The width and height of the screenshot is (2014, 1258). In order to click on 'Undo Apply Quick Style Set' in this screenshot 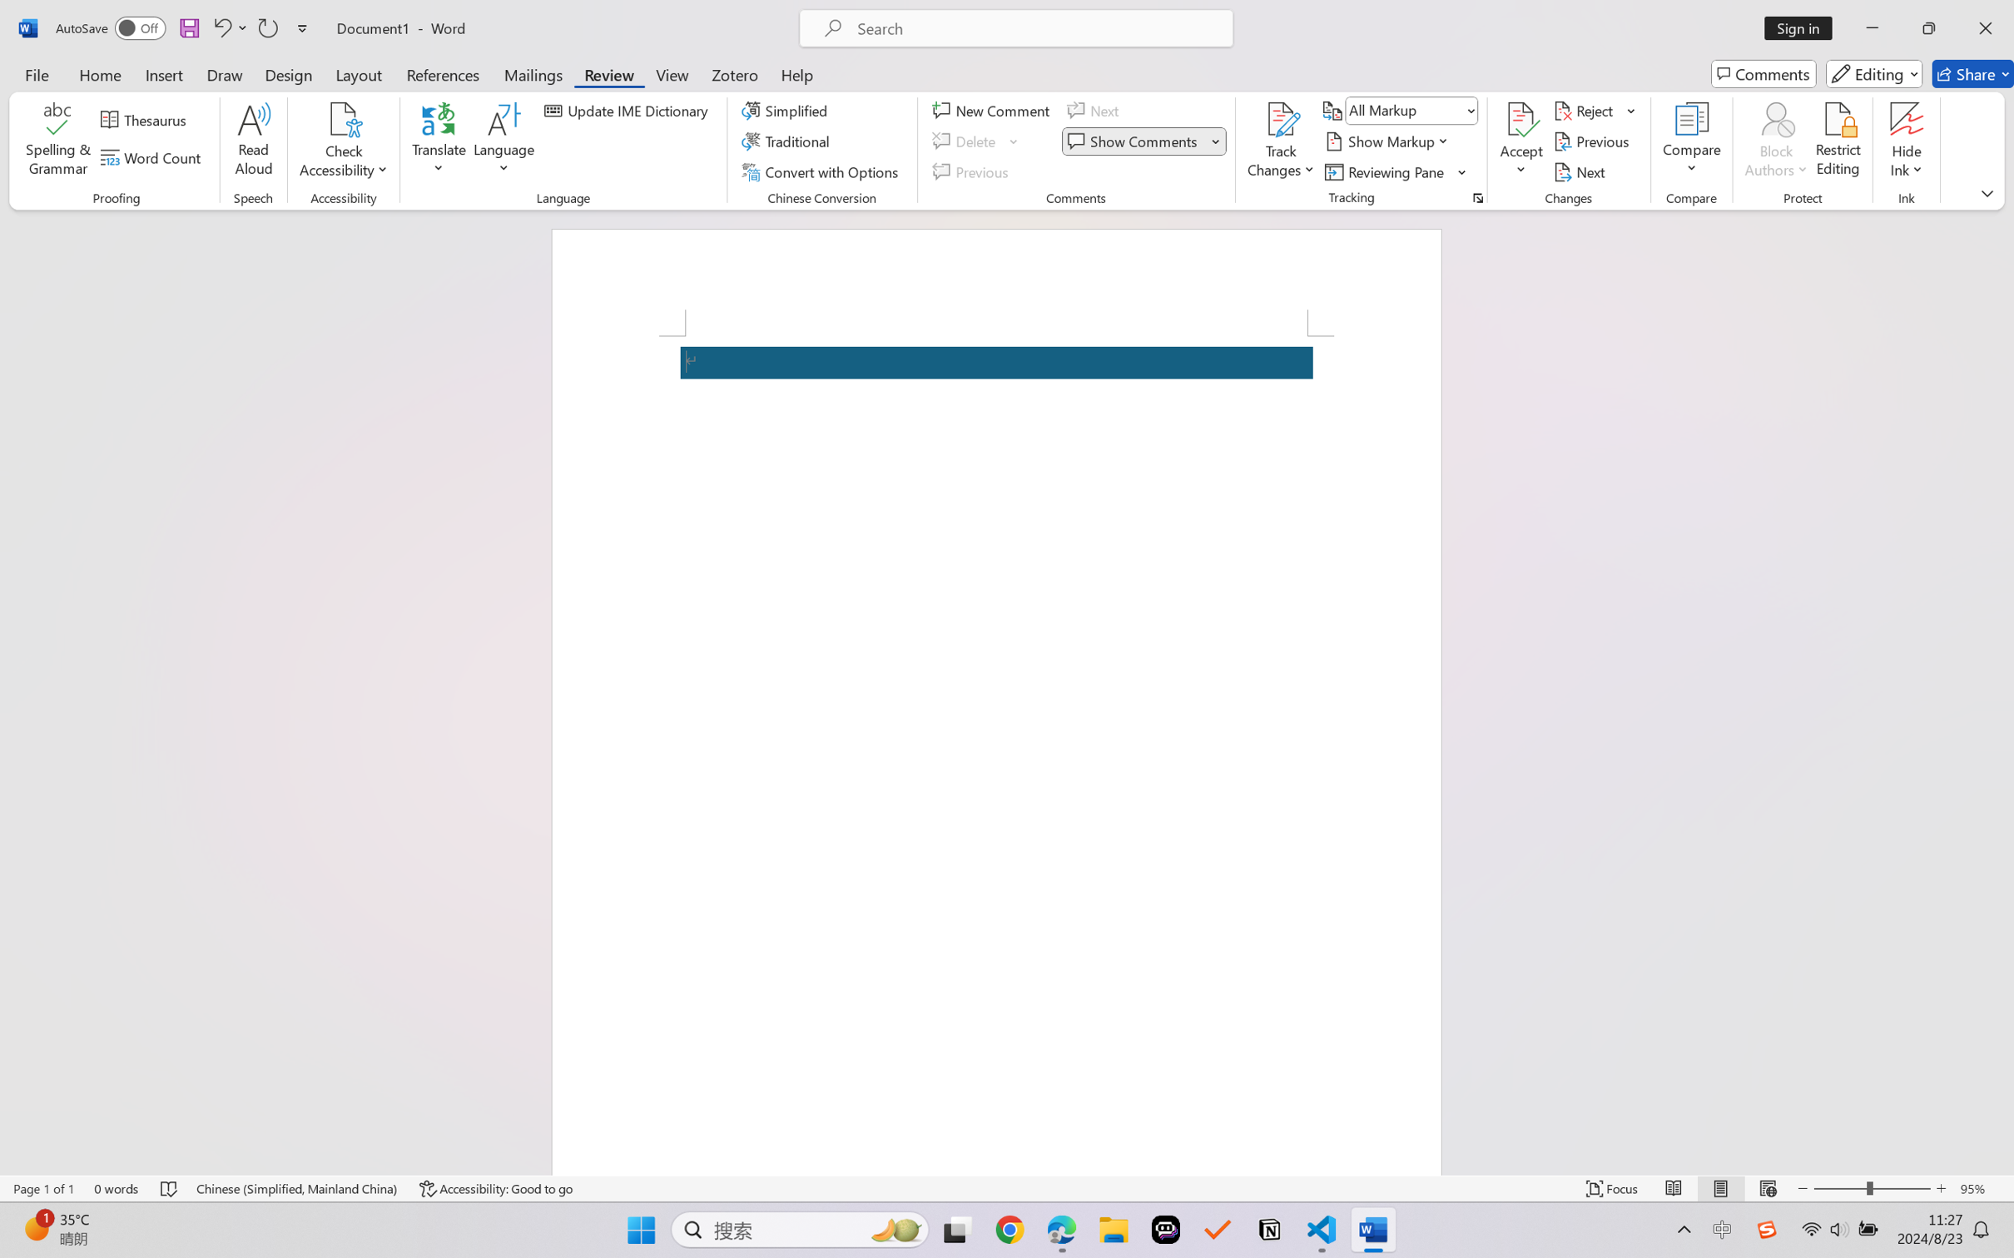, I will do `click(228, 27)`.